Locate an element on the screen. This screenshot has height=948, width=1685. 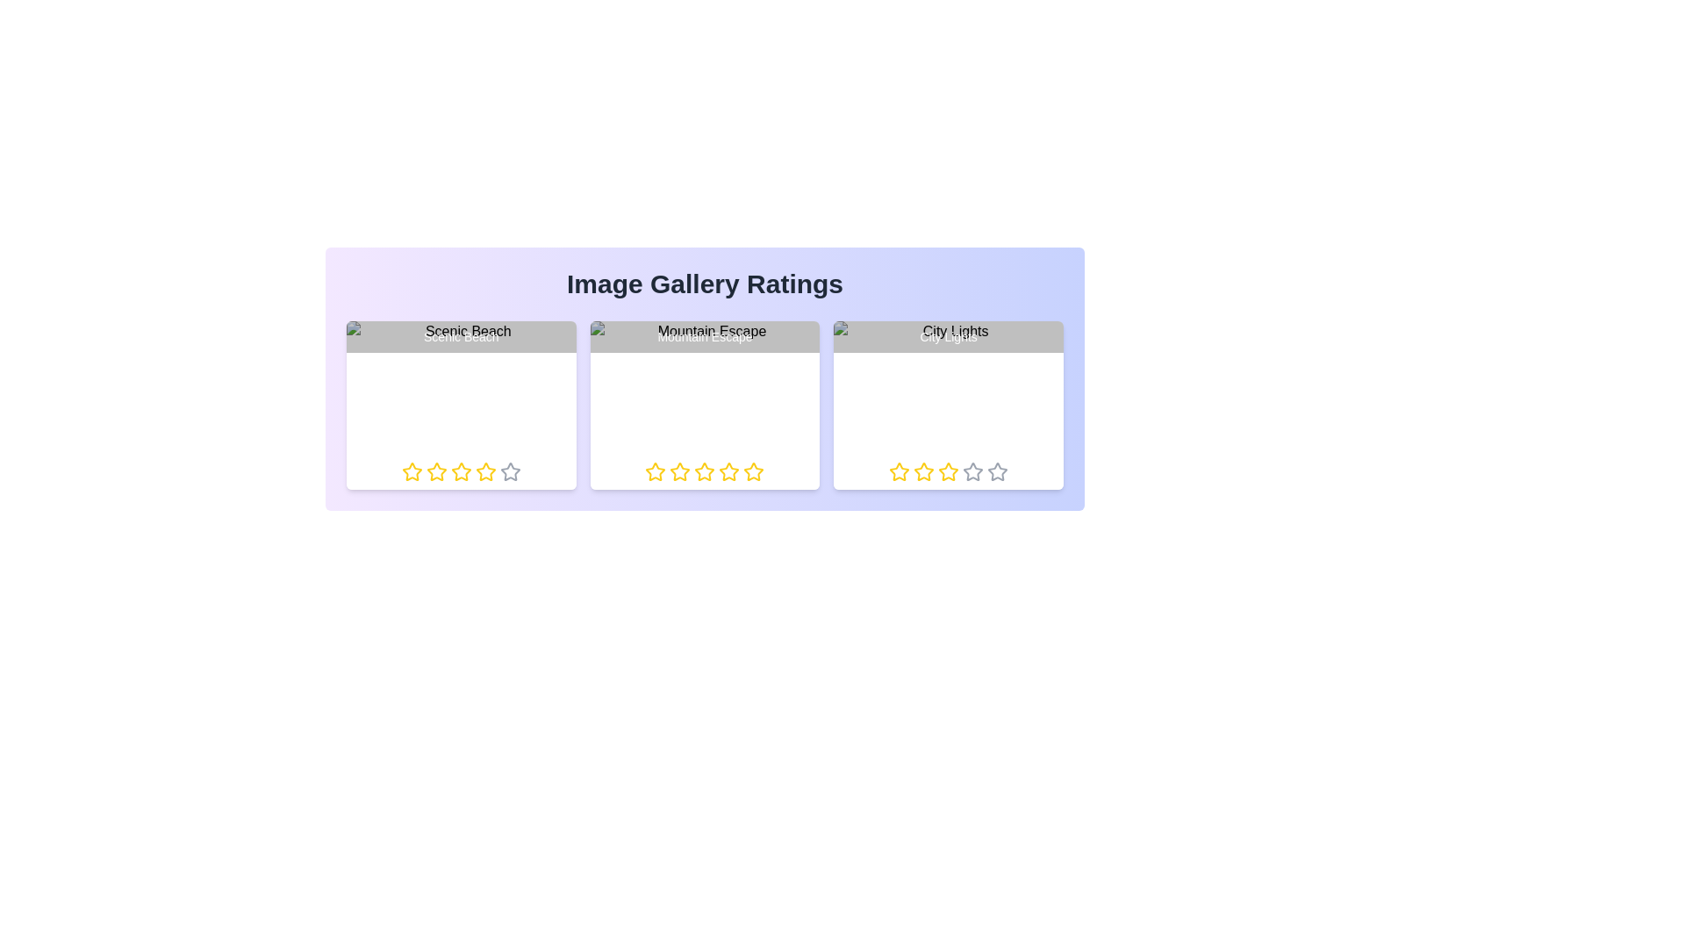
the rating for the image titled 'Scenic Beach' to 4 stars is located at coordinates (475, 470).